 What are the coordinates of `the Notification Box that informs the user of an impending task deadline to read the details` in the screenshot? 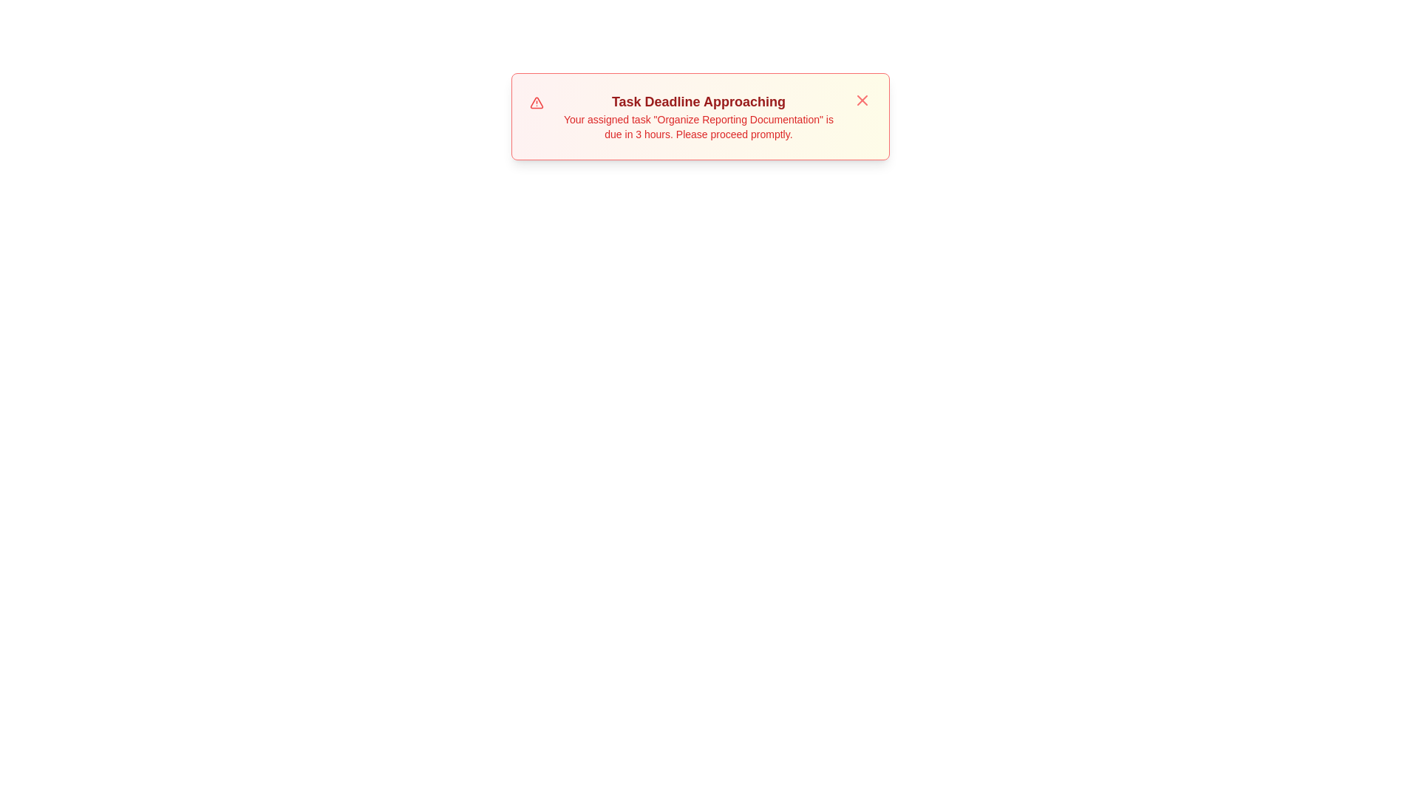 It's located at (699, 116).